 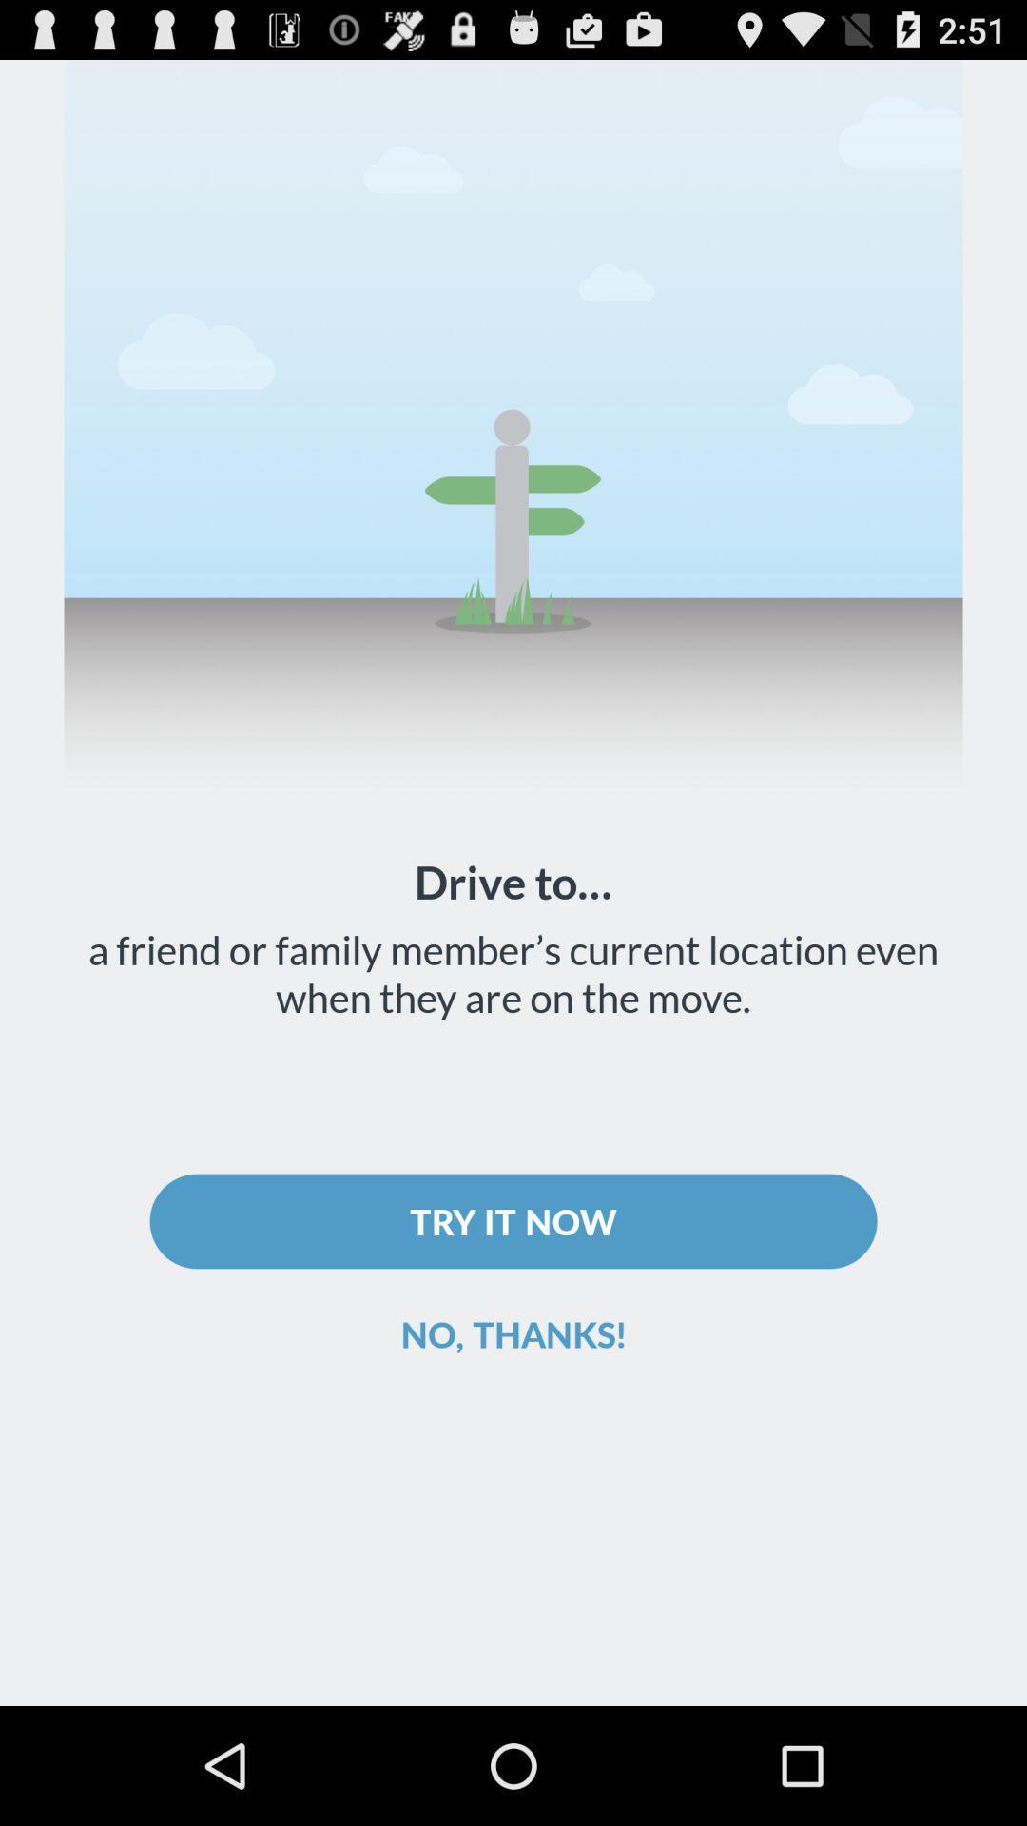 I want to click on the icon below the try it now item, so click(x=513, y=1332).